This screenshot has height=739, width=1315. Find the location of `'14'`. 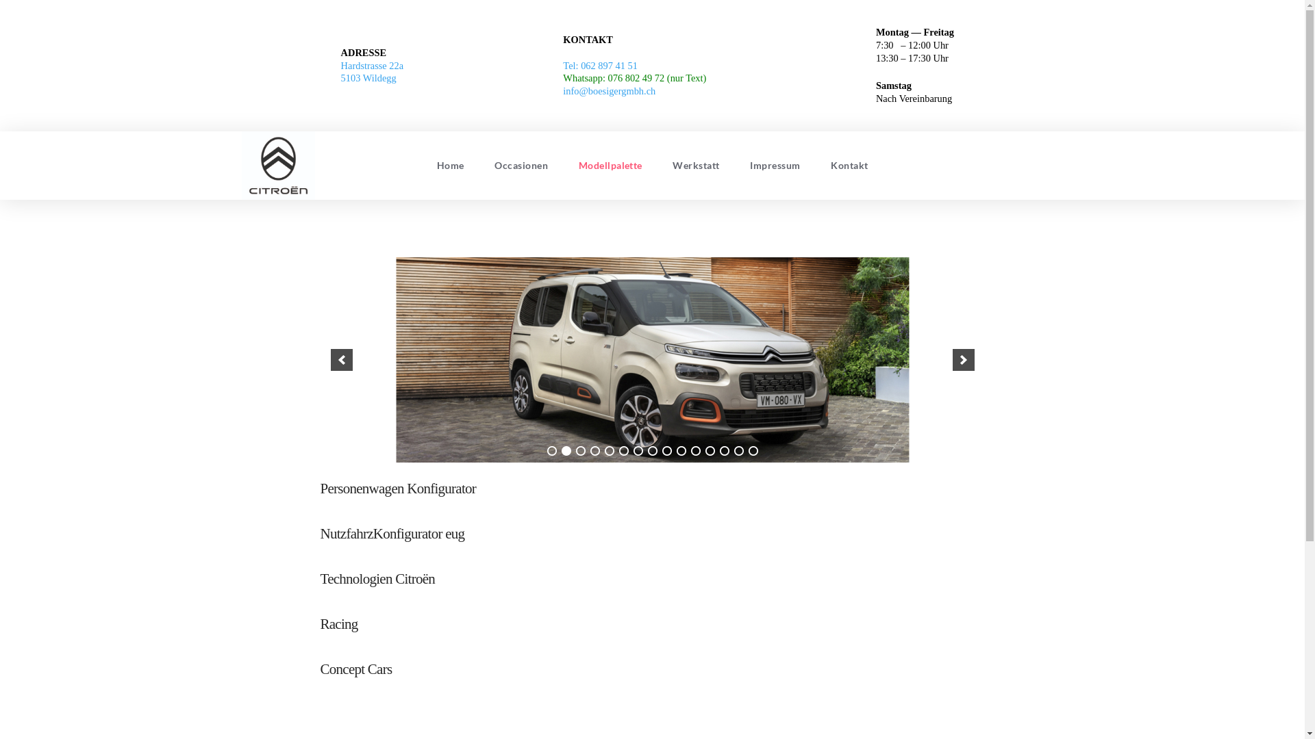

'14' is located at coordinates (733, 451).